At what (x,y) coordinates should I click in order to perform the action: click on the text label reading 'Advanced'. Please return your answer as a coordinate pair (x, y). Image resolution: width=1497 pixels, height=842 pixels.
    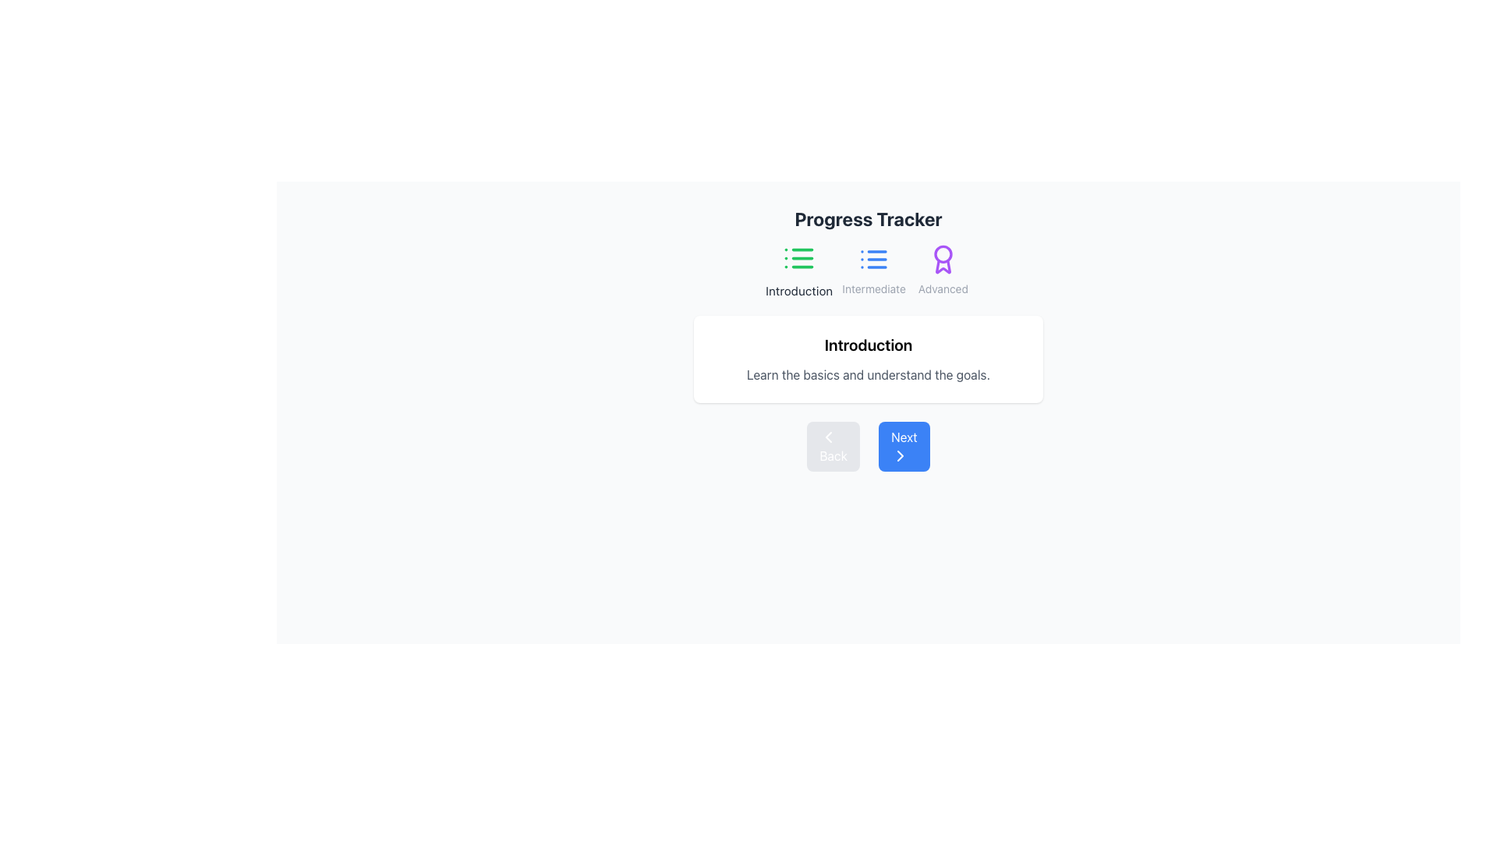
    Looking at the image, I should click on (942, 288).